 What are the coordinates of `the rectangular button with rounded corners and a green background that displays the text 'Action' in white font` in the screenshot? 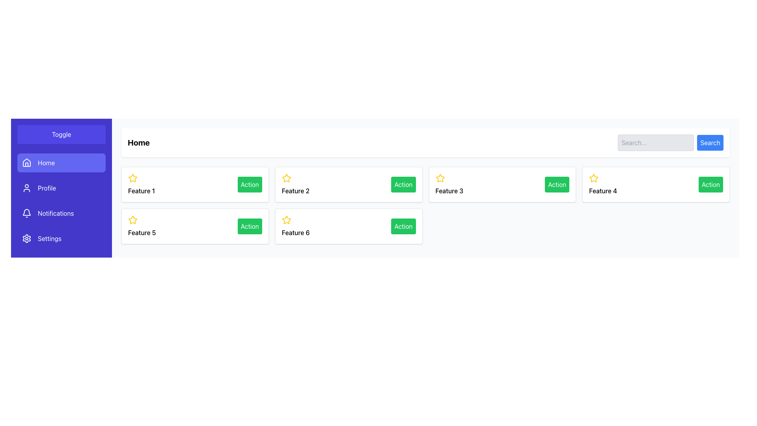 It's located at (249, 226).